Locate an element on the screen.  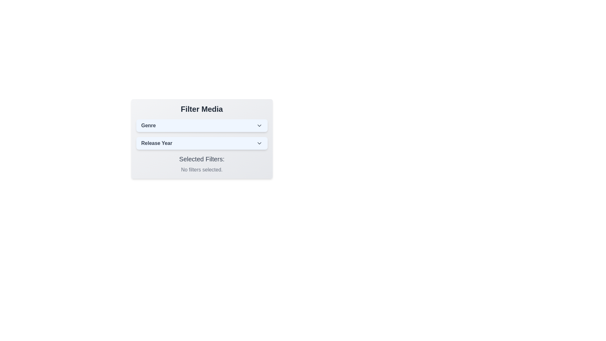
the text label displaying 'No filters selected.' located below the 'Selected Filters:' label in the 'Filter Media' modal interface is located at coordinates (201, 169).